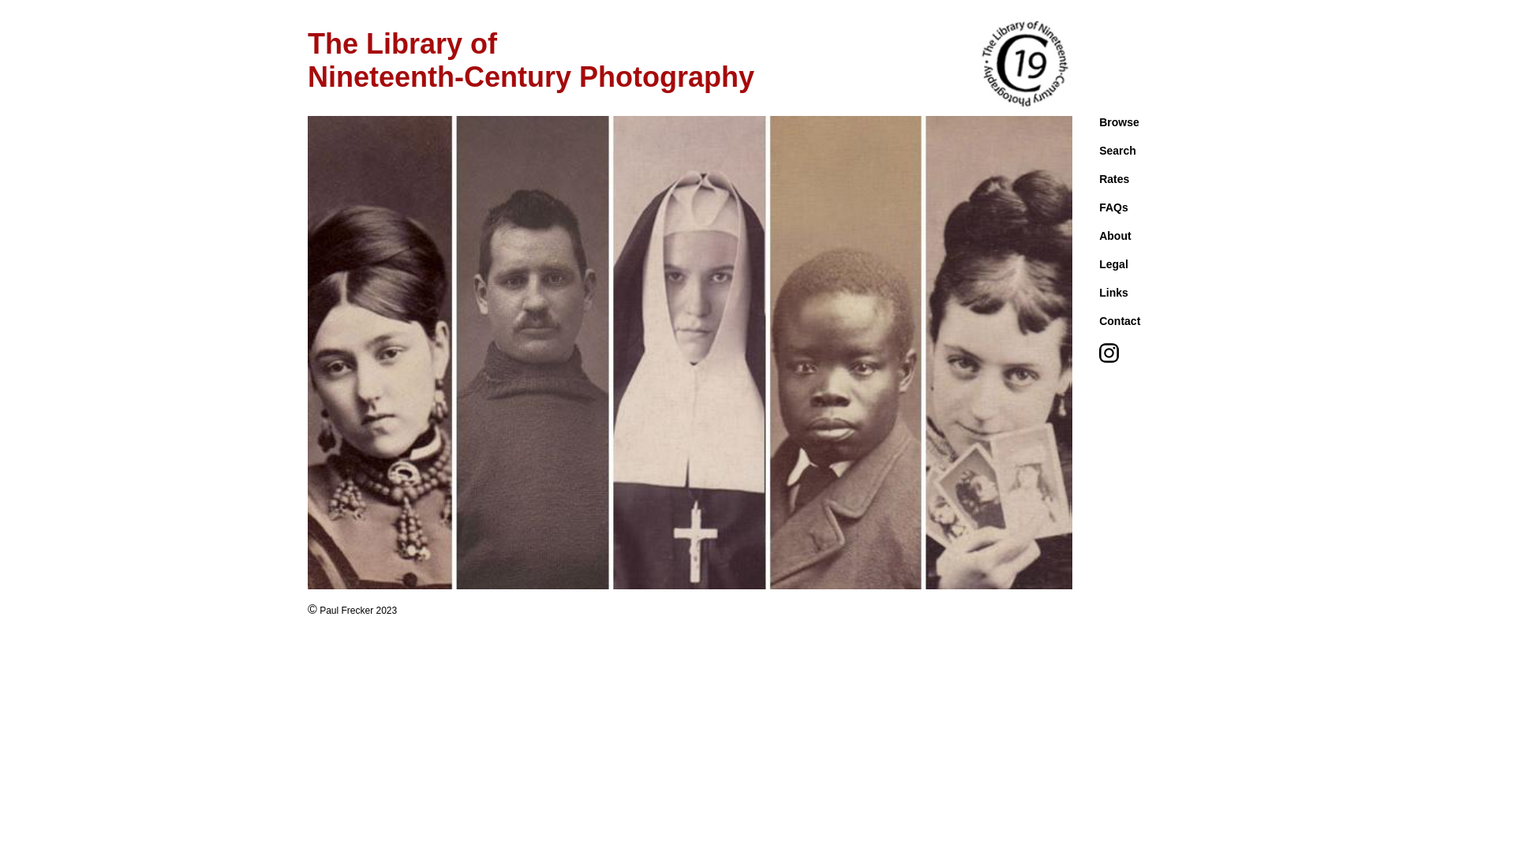 This screenshot has height=852, width=1515. What do you see at coordinates (1113, 178) in the screenshot?
I see `'Rates'` at bounding box center [1113, 178].